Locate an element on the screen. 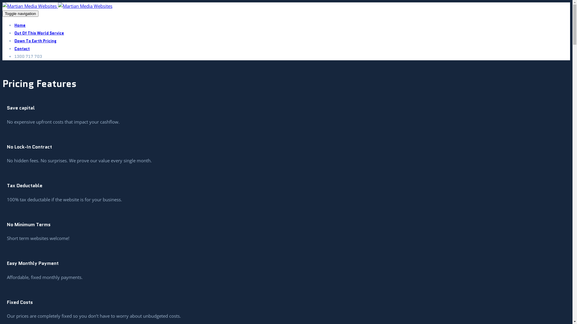  'Out of This World Service' is located at coordinates (85, 6).